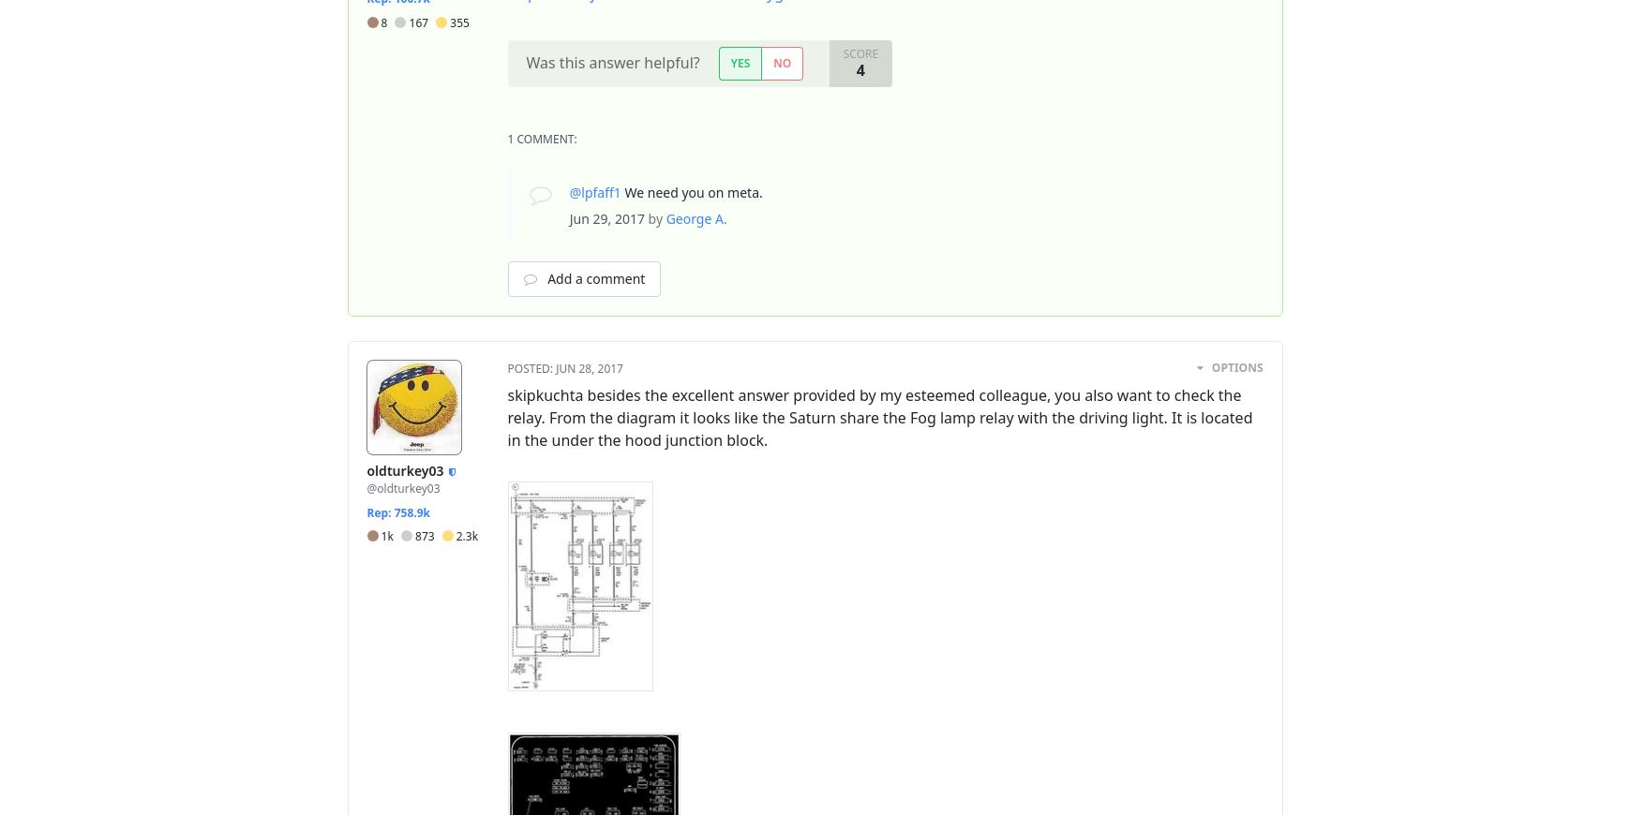  What do you see at coordinates (457, 21) in the screenshot?
I see `'355'` at bounding box center [457, 21].